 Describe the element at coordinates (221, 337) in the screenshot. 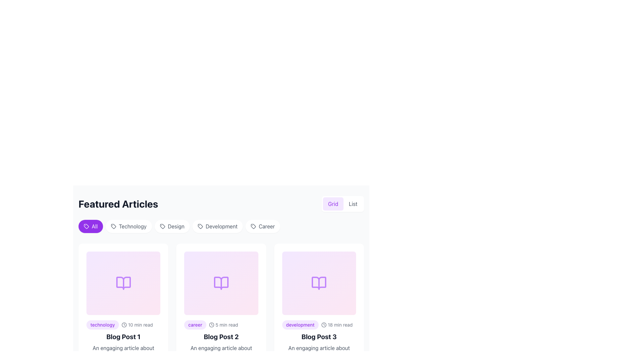

I see `the title text element located within the center article card of the three-card layout under the 'Featured Articles' section, specifically between 'career 5 min read' and the brief descriptive text` at that location.